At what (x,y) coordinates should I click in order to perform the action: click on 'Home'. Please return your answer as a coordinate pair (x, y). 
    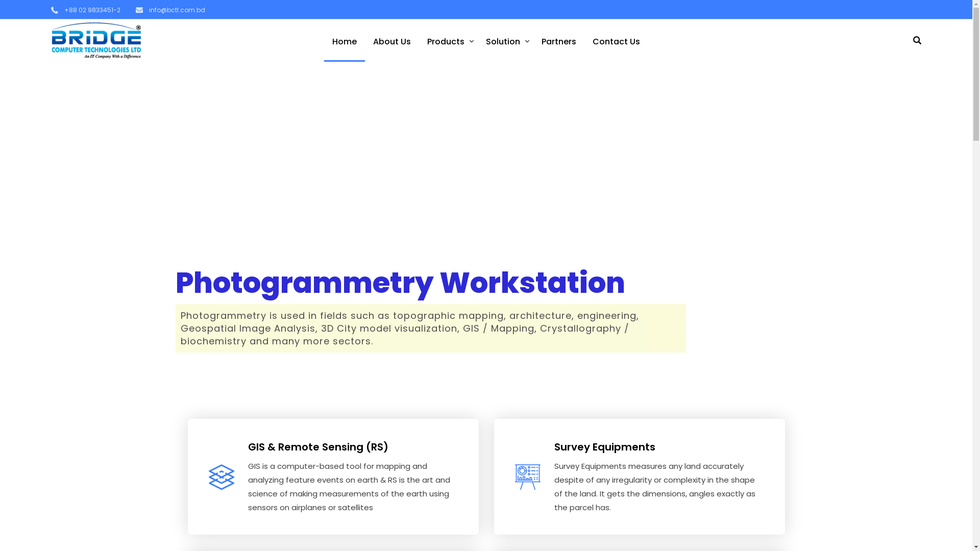
    Looking at the image, I should click on (345, 40).